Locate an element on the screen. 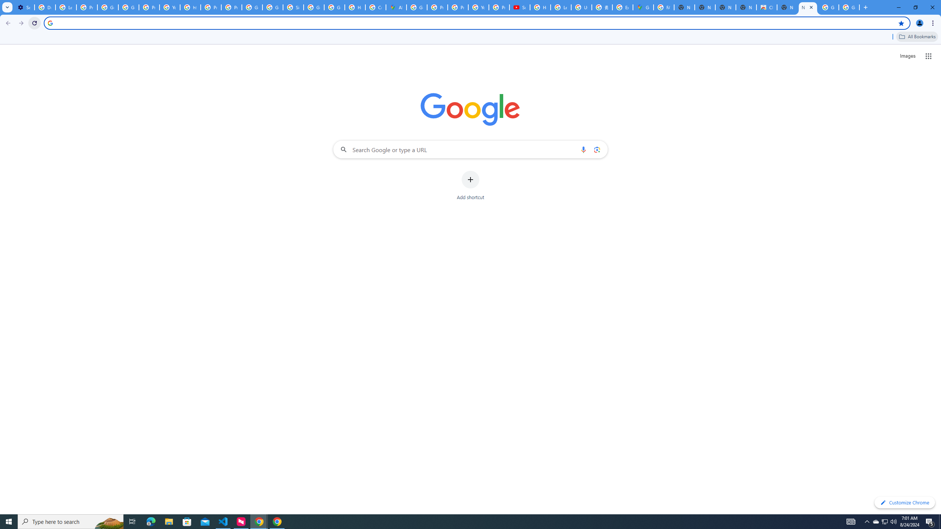  'Privacy Help Center - Policies Help' is located at coordinates (457, 7).